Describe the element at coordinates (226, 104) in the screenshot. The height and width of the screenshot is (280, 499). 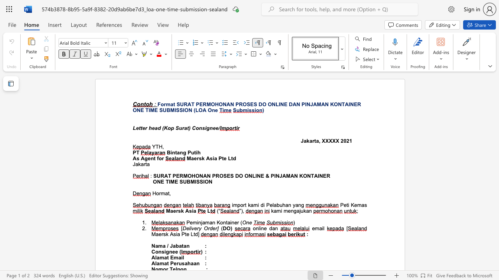
I see `the subset text "AN PR" within the text "SURAT PERMOHONAN PROSES DO ONLINE DAN PINJAMAN KONTAINER"` at that location.